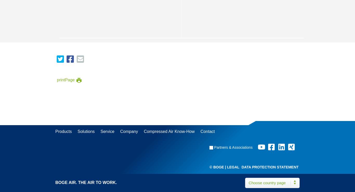 The width and height of the screenshot is (355, 192). What do you see at coordinates (107, 131) in the screenshot?
I see `'Service'` at bounding box center [107, 131].